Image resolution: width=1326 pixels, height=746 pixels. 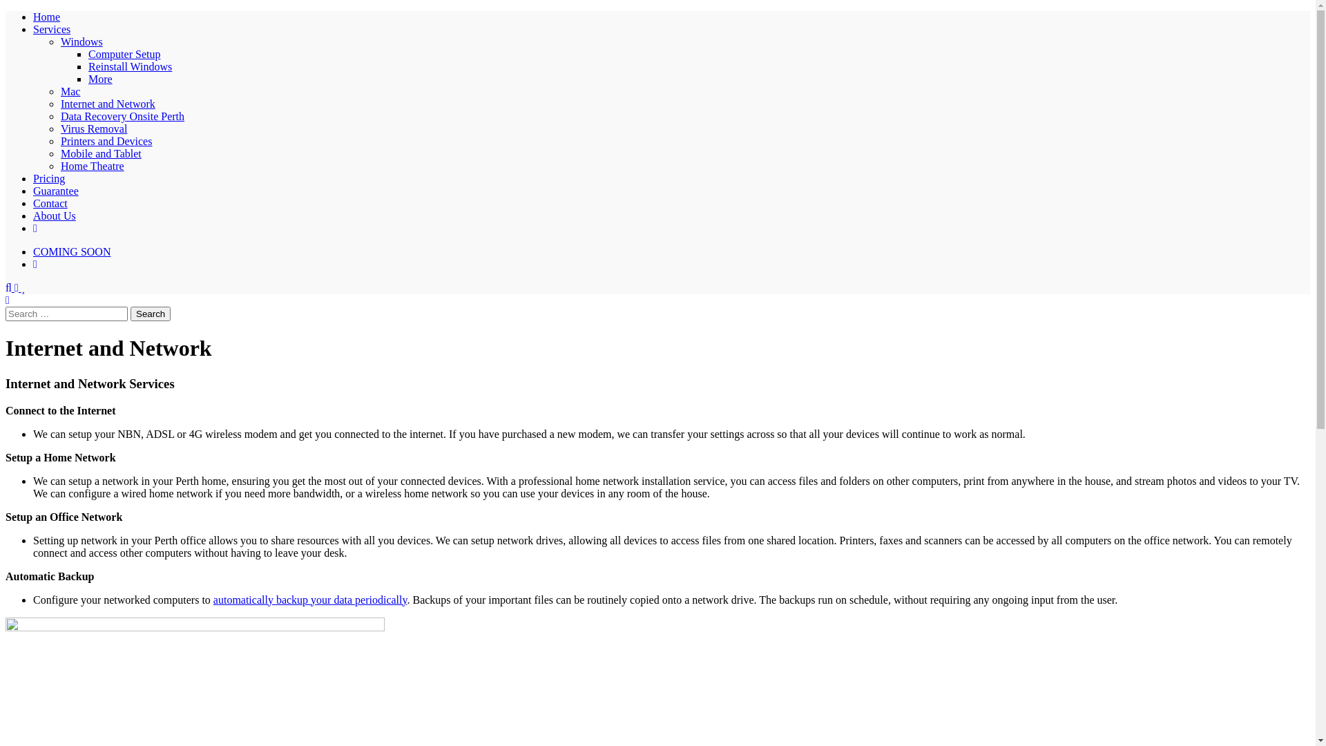 What do you see at coordinates (33, 191) in the screenshot?
I see `'Guarantee'` at bounding box center [33, 191].